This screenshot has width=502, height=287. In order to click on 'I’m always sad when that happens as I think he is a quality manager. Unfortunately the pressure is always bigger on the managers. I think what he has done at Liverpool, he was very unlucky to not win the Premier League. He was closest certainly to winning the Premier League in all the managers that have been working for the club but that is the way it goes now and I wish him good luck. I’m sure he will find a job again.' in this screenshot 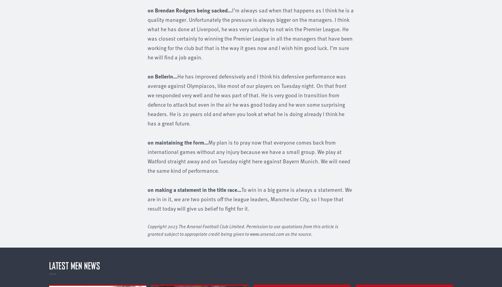, I will do `click(250, 33)`.